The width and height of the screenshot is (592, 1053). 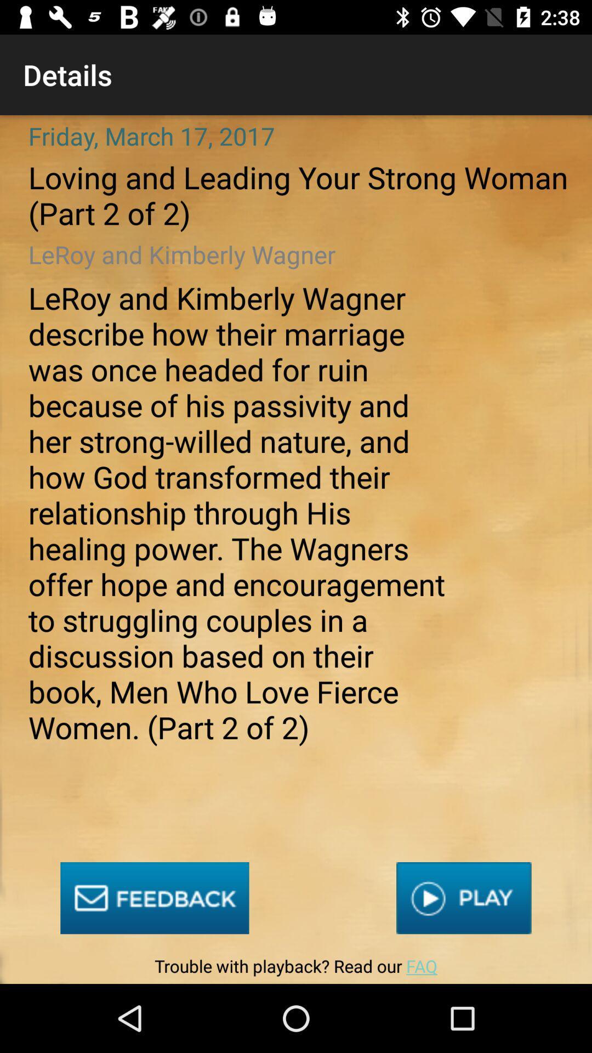 What do you see at coordinates (155, 898) in the screenshot?
I see `the icon above trouble with playback icon` at bounding box center [155, 898].